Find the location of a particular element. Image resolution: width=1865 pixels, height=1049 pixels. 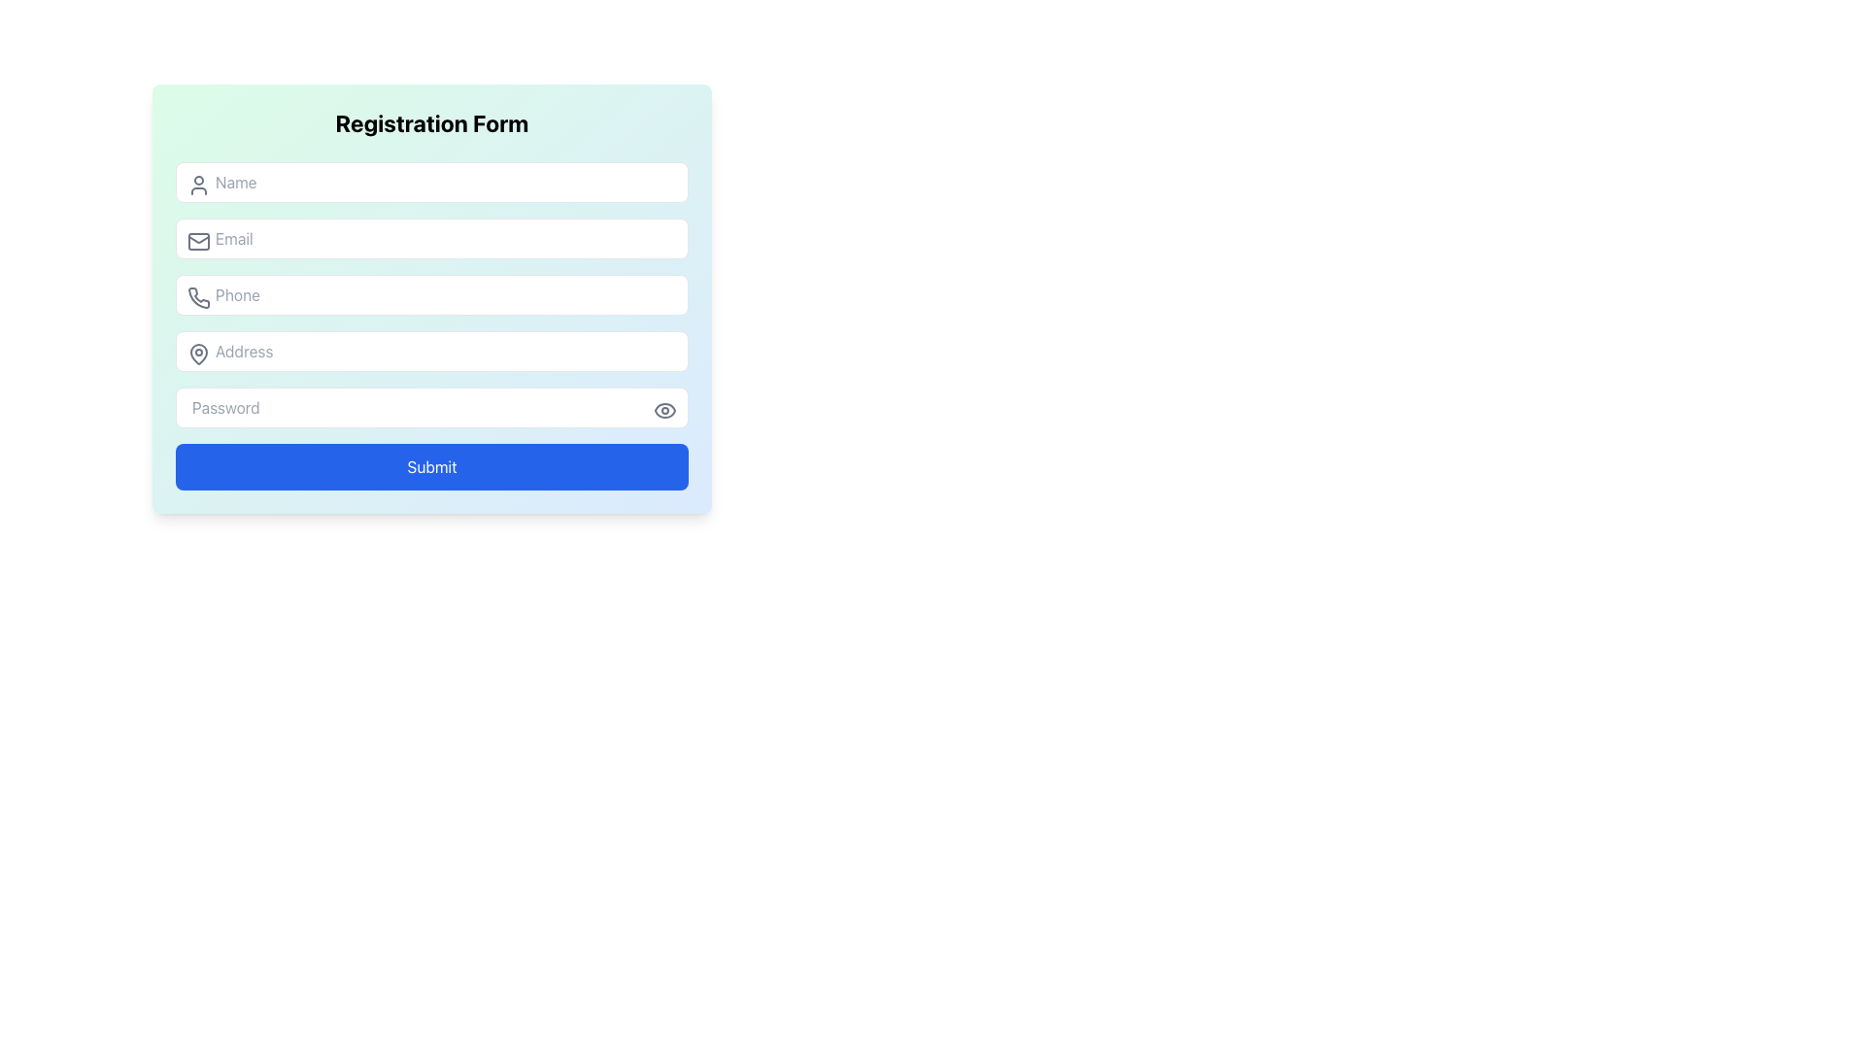

the gray map pin icon that is positioned to the left of the 'Address' input field is located at coordinates (199, 355).